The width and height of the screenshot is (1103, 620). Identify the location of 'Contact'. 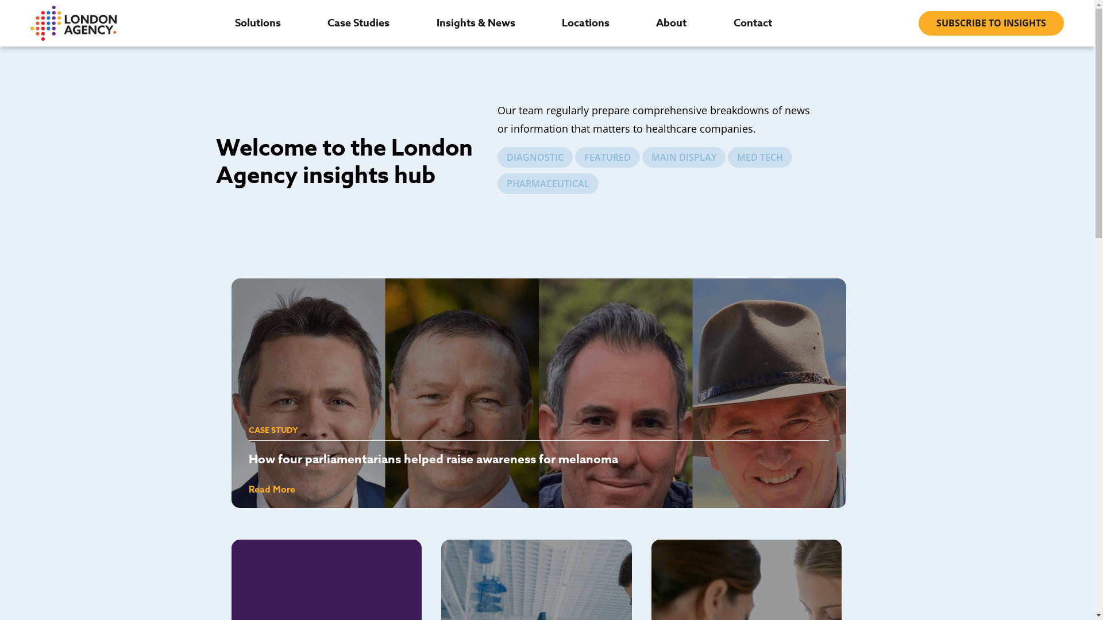
(732, 22).